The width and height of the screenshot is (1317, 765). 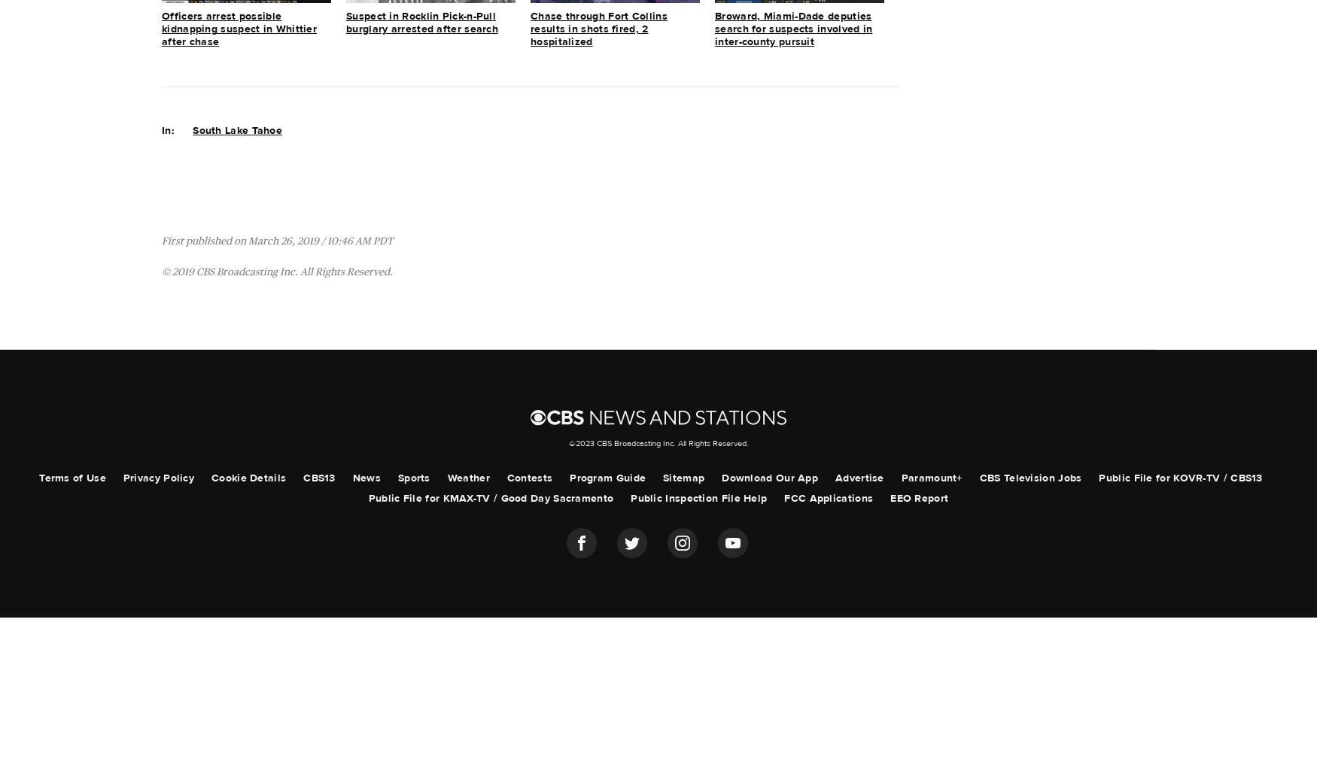 What do you see at coordinates (248, 478) in the screenshot?
I see `'Cookie Details'` at bounding box center [248, 478].